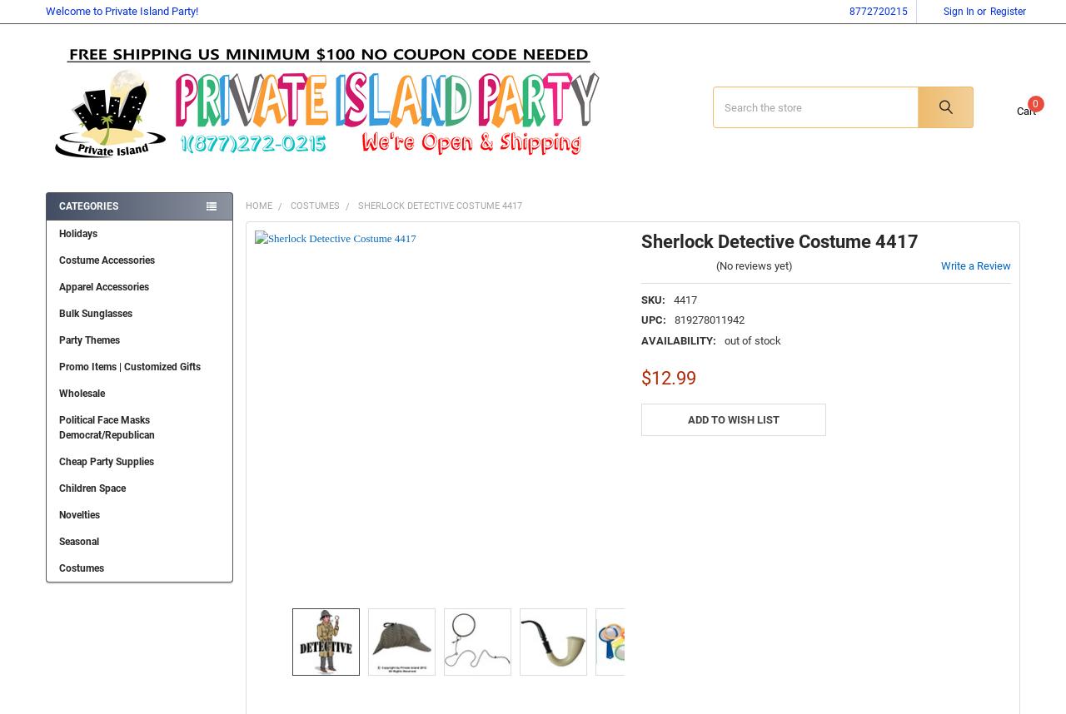 The width and height of the screenshot is (1066, 714). What do you see at coordinates (120, 11) in the screenshot?
I see `'Welcome to Private Island Party!'` at bounding box center [120, 11].